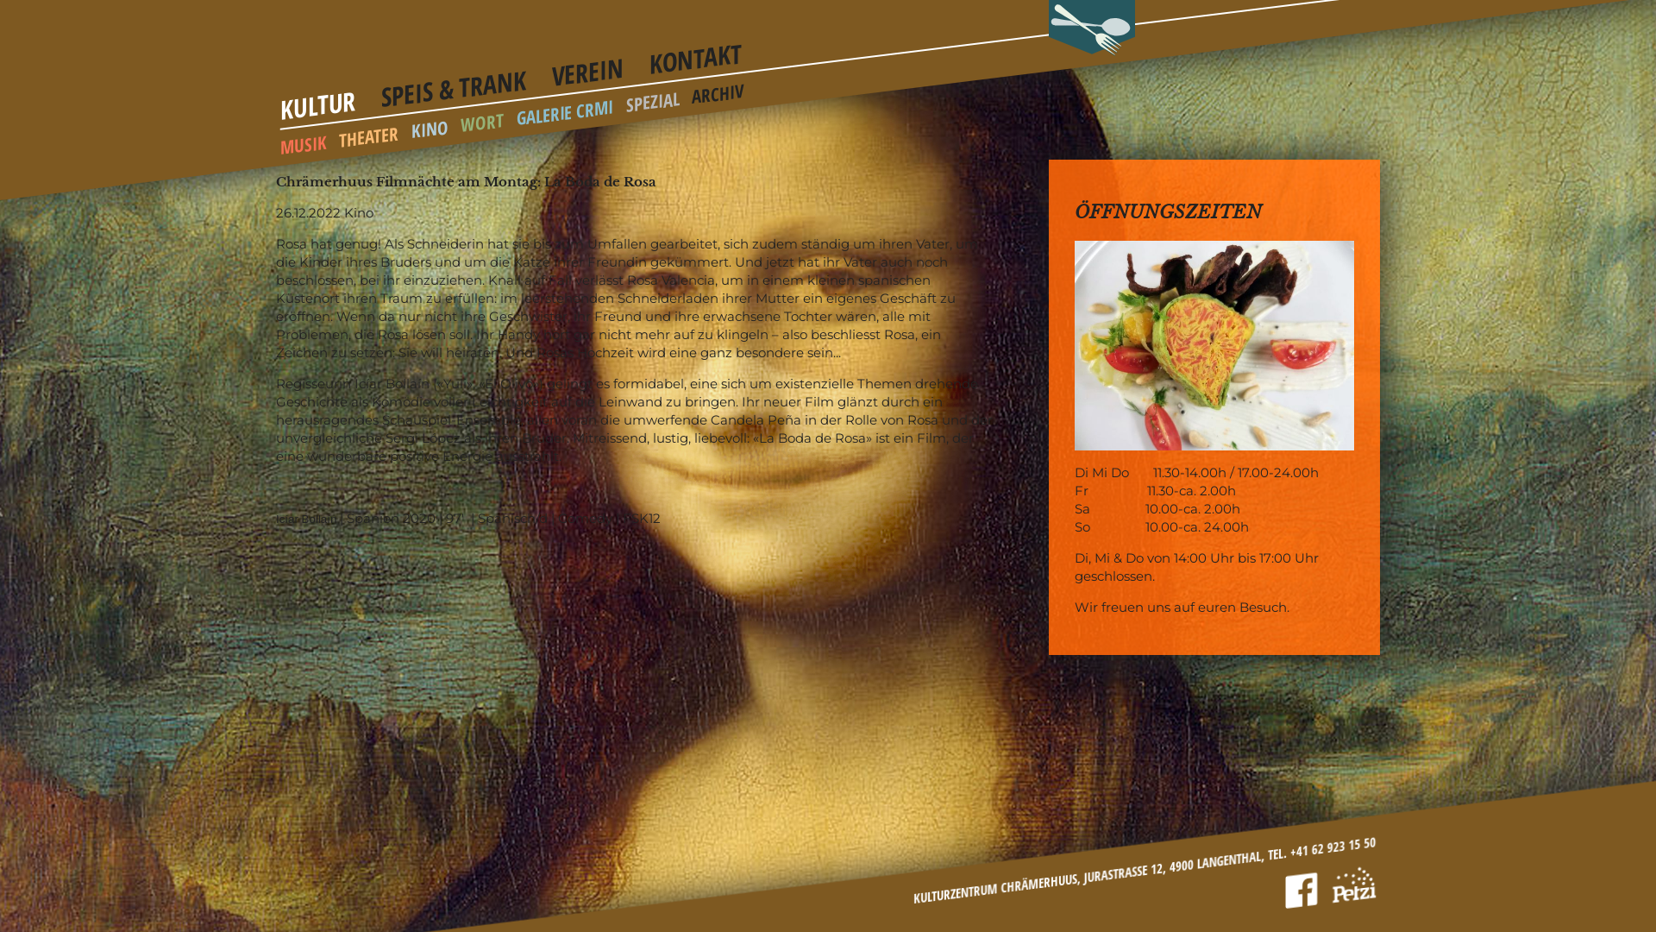 The image size is (1656, 932). Describe the element at coordinates (1283, 888) in the screenshot. I see `'Facebook'` at that location.